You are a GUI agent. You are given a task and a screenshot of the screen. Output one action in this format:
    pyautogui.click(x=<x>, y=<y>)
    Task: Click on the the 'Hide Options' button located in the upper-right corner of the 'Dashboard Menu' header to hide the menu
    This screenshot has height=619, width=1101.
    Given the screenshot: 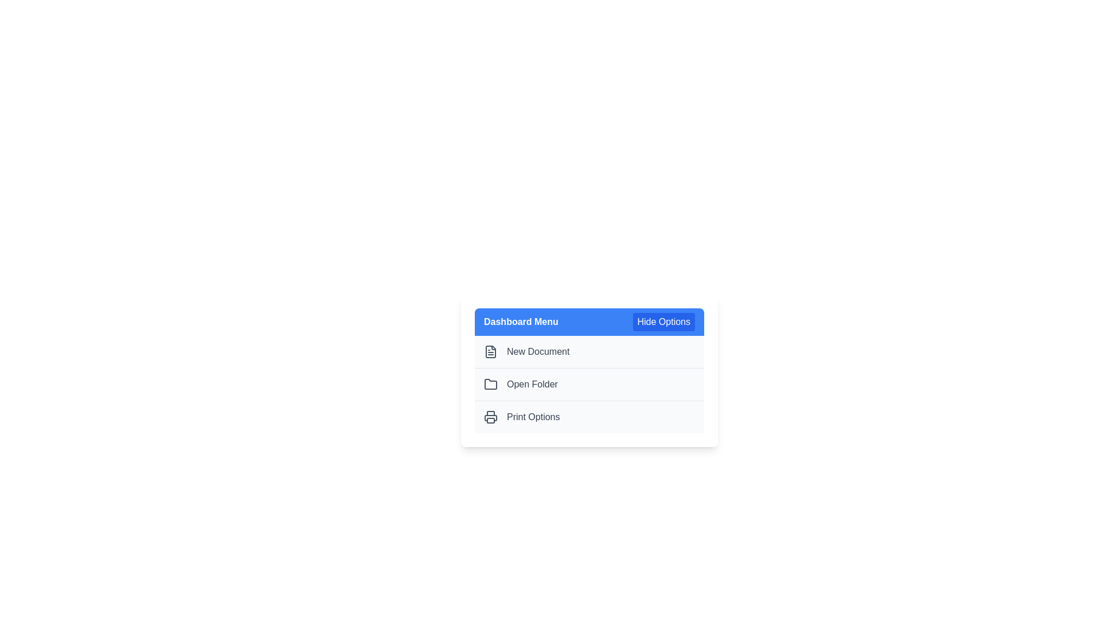 What is the action you would take?
    pyautogui.click(x=663, y=322)
    